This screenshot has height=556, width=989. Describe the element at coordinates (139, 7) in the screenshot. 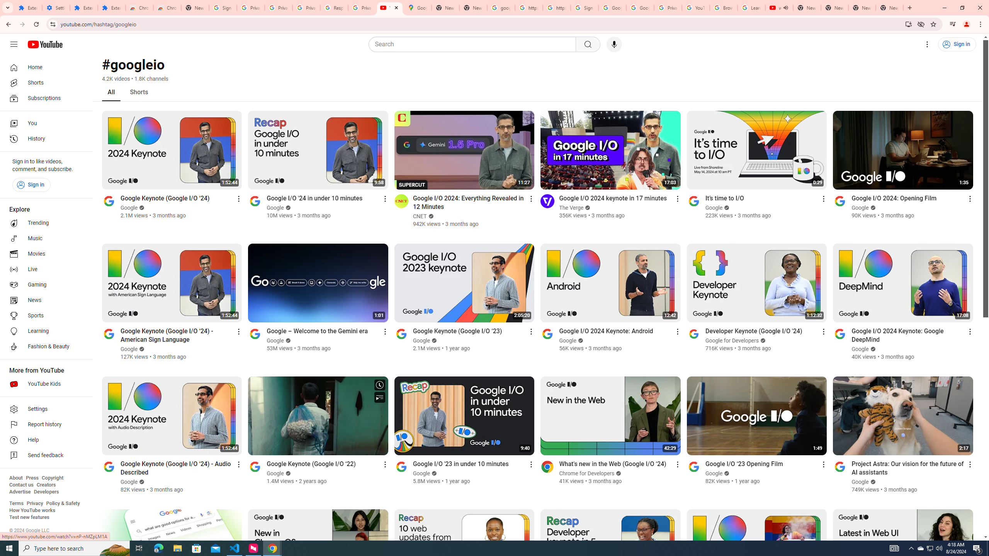

I see `'Chrome Web Store'` at that location.